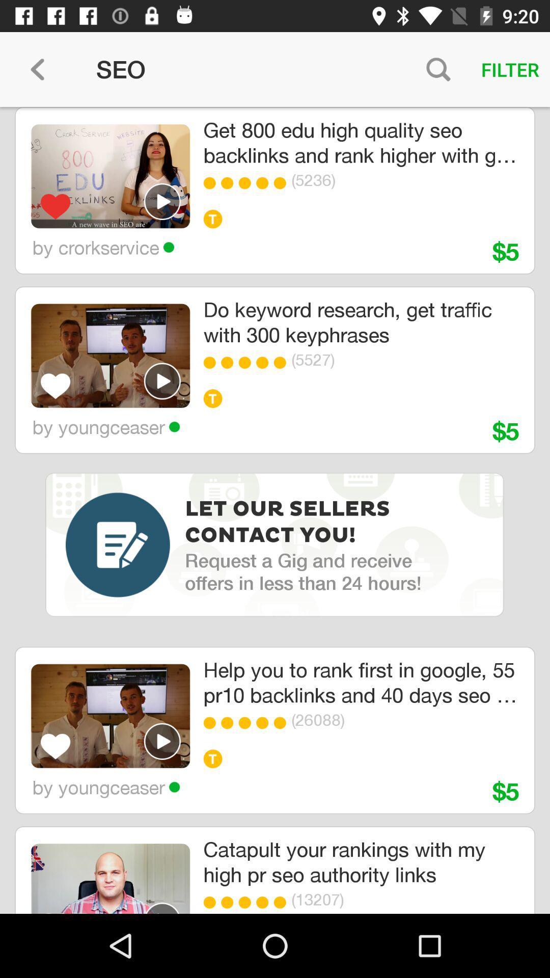 The image size is (550, 978). I want to click on the video, so click(162, 201).